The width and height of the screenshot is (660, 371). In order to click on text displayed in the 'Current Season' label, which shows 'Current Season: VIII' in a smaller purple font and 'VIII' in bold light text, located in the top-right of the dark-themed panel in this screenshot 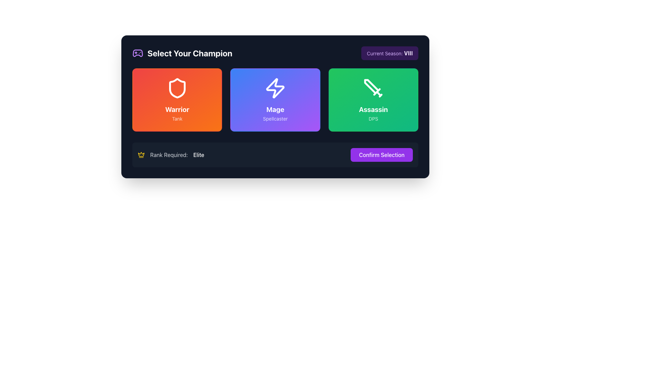, I will do `click(390, 53)`.